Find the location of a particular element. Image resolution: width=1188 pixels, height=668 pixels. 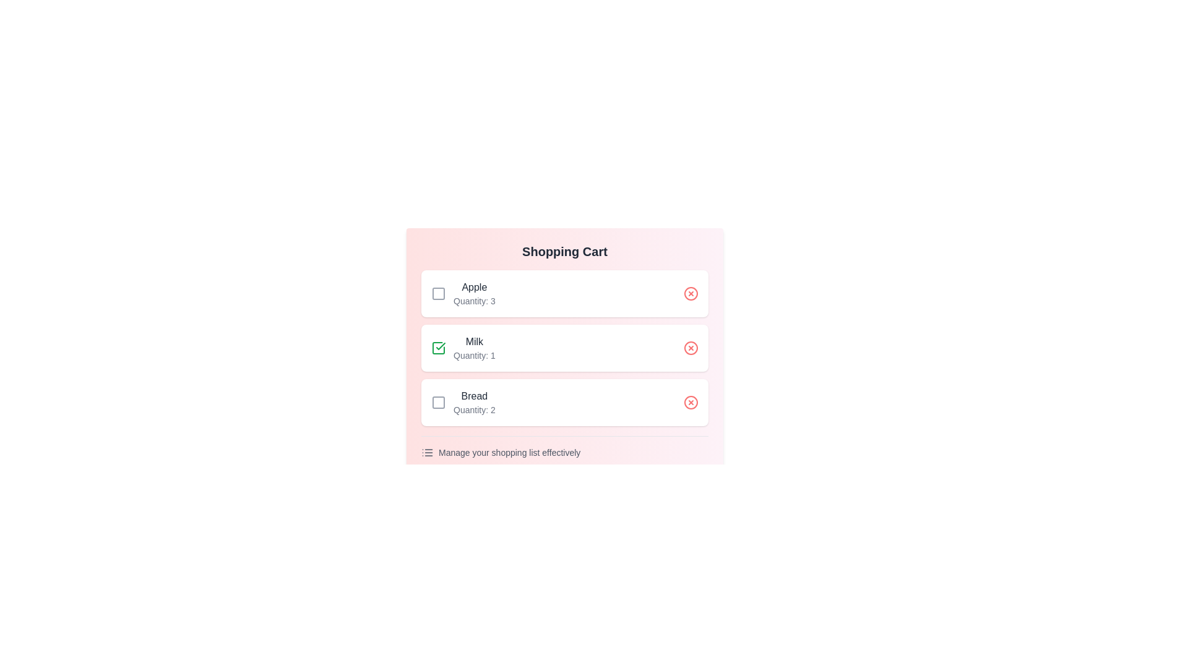

delete button for the item Apple in the shopping cart is located at coordinates (691, 293).